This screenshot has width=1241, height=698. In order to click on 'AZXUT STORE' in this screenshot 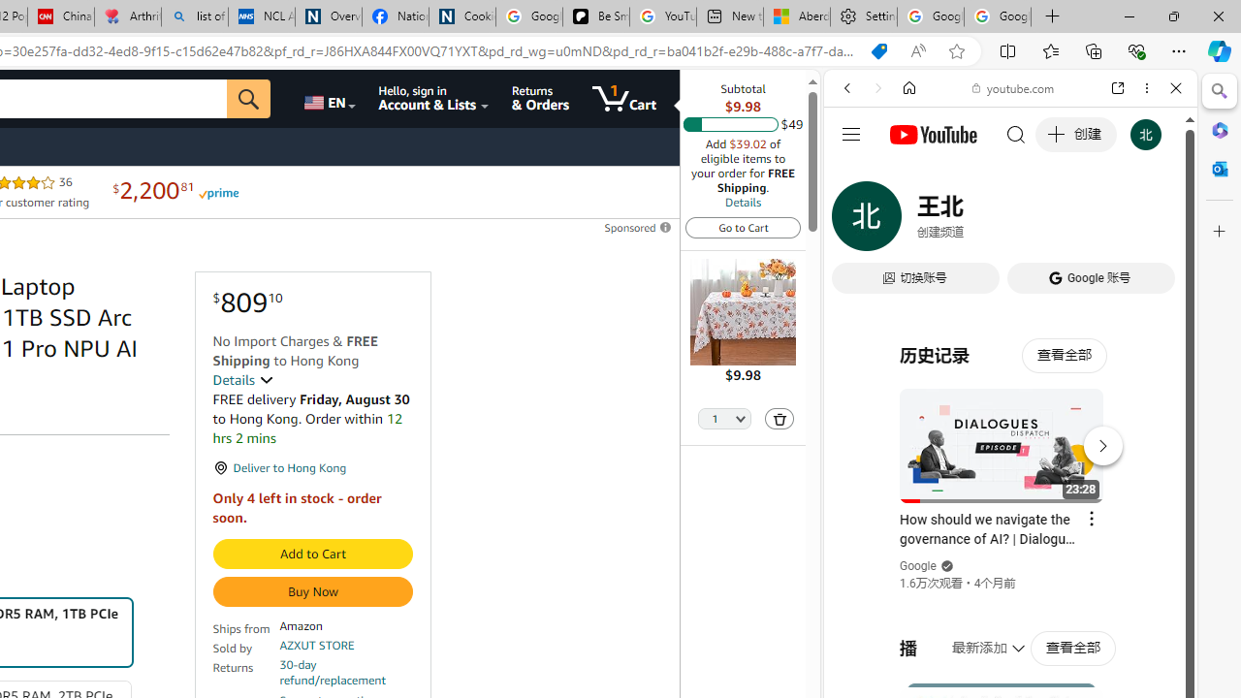, I will do `click(317, 645)`.